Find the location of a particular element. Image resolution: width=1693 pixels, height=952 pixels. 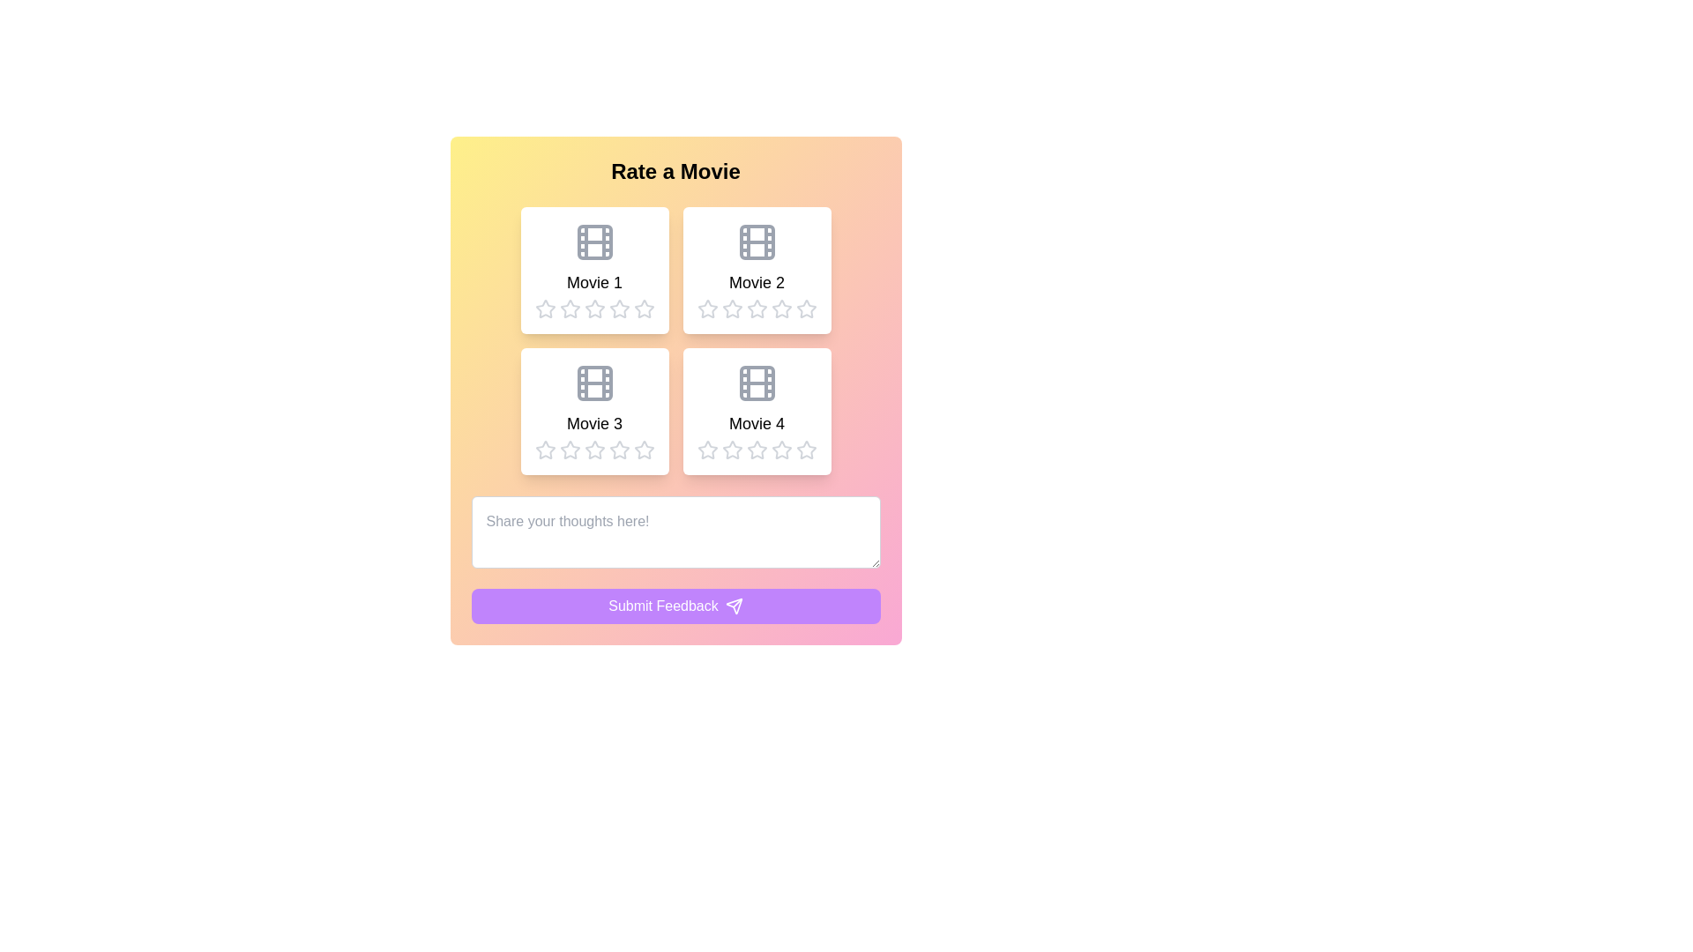

the second interactive rating star icon for keyboard interaction is located at coordinates (570, 309).